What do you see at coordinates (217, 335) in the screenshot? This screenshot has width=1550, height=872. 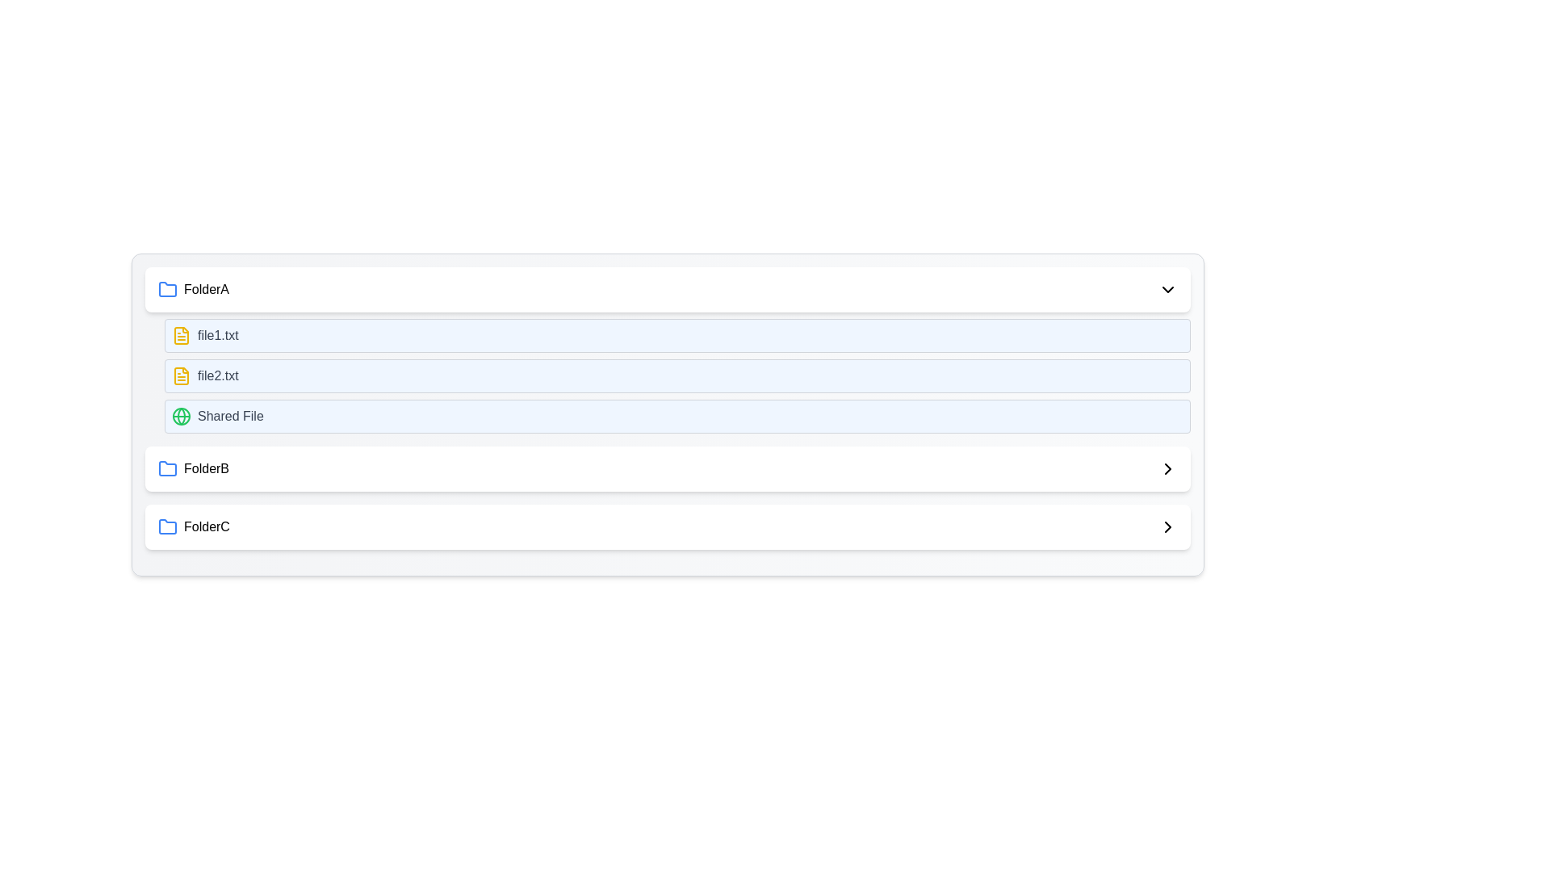 I see `the text label 'file1.txt', which is the first file entry` at bounding box center [217, 335].